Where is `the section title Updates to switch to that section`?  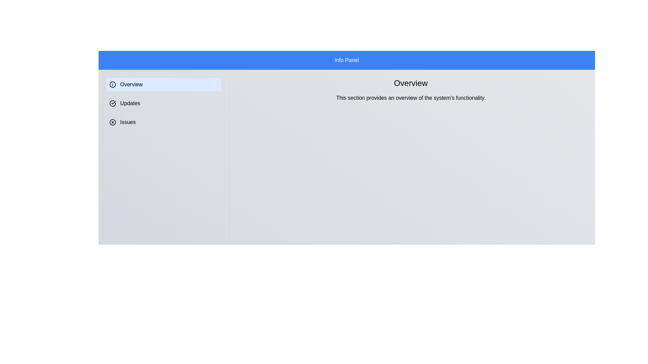 the section title Updates to switch to that section is located at coordinates (163, 103).